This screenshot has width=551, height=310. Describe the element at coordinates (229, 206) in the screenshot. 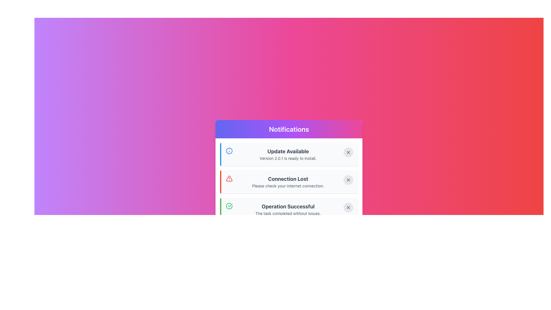

I see `the graphical checkmark icon indicating a successful operation located` at that location.